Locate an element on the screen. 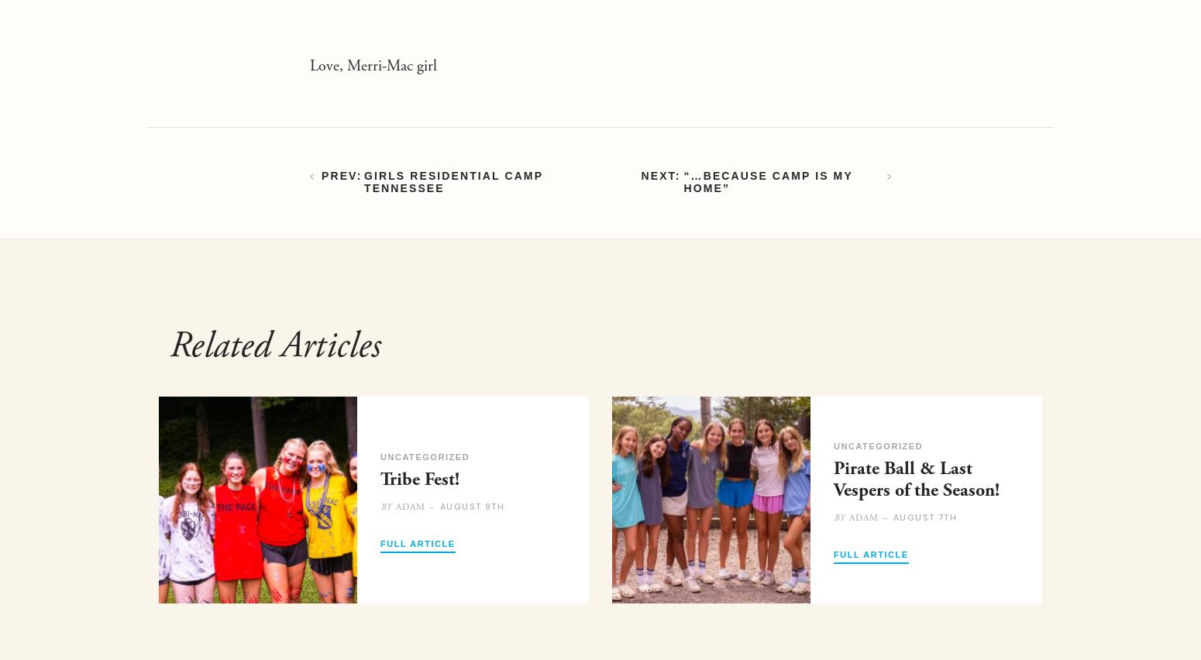  'August 7th' is located at coordinates (924, 516).